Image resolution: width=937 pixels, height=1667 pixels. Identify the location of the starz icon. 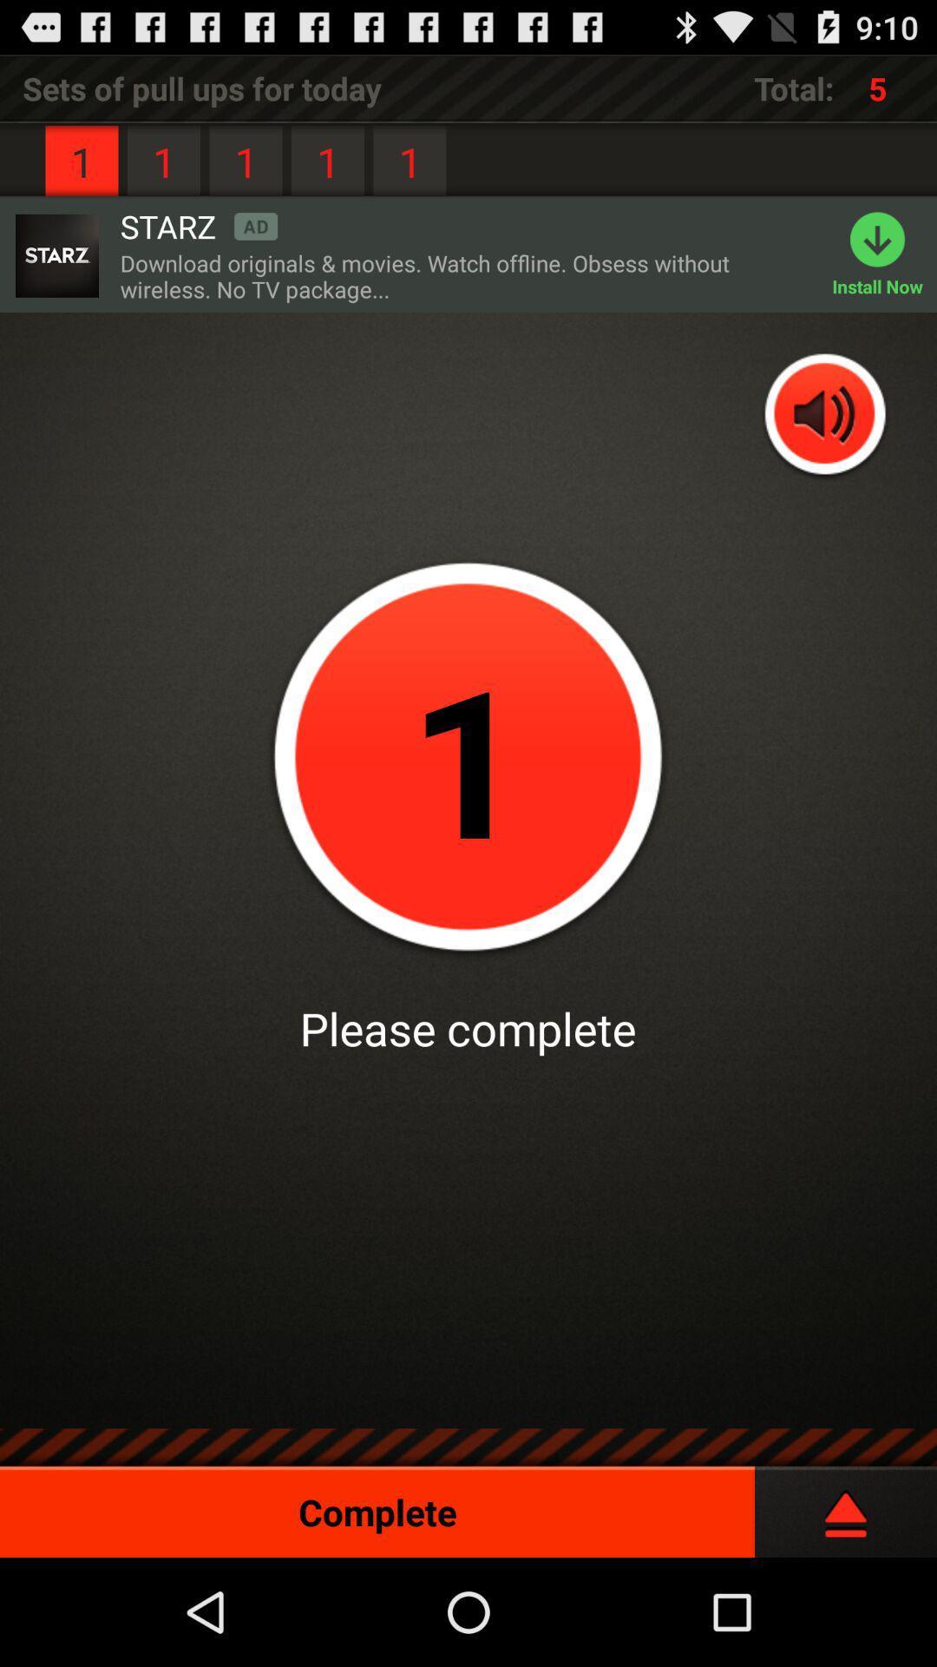
(198, 225).